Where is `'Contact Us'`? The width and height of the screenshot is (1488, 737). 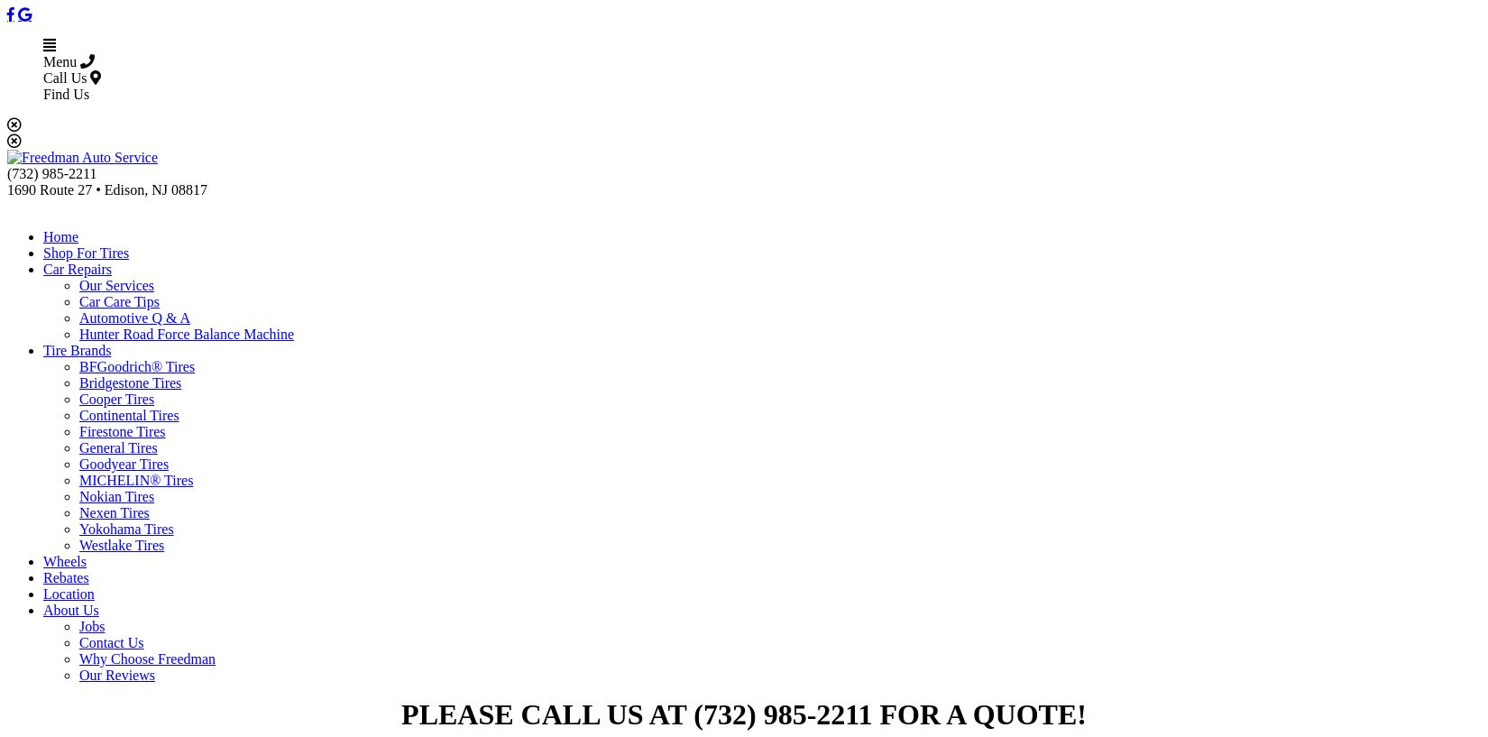 'Contact Us' is located at coordinates (111, 641).